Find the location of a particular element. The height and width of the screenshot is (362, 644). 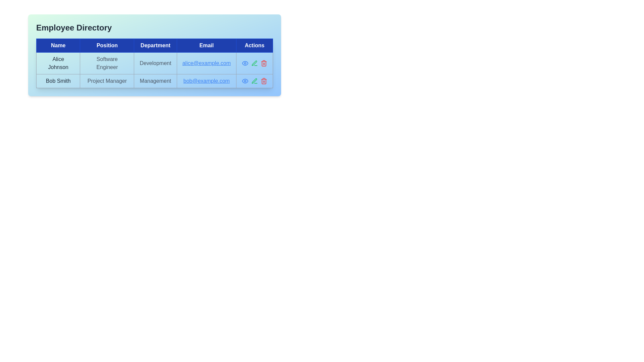

the hyperlink displaying 'bob@example.com' in the Email column of the employee information table is located at coordinates (206, 81).